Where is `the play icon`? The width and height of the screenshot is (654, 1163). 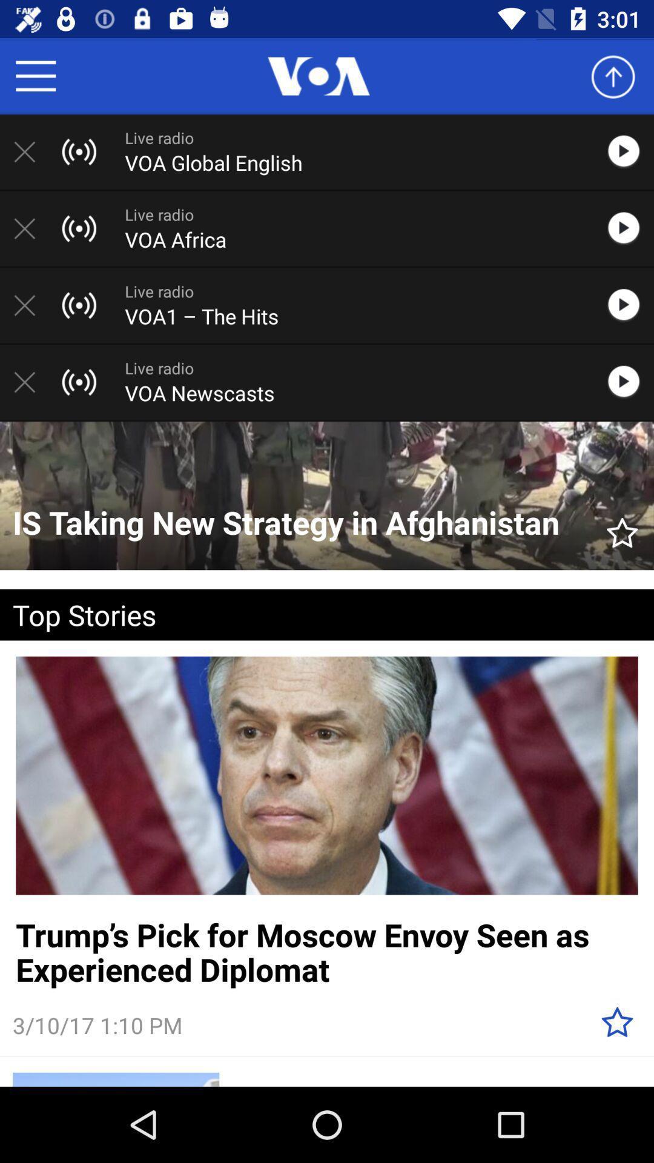
the play icon is located at coordinates (629, 381).